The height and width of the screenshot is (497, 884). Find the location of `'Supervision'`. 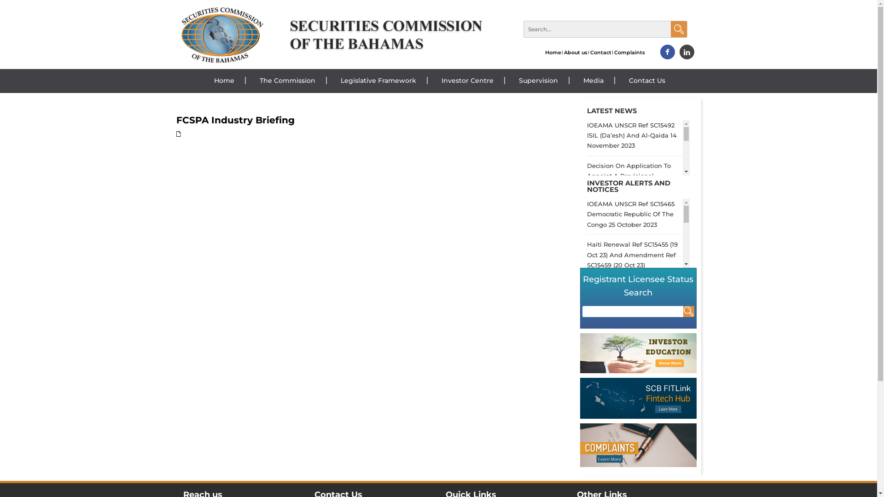

'Supervision' is located at coordinates (538, 80).